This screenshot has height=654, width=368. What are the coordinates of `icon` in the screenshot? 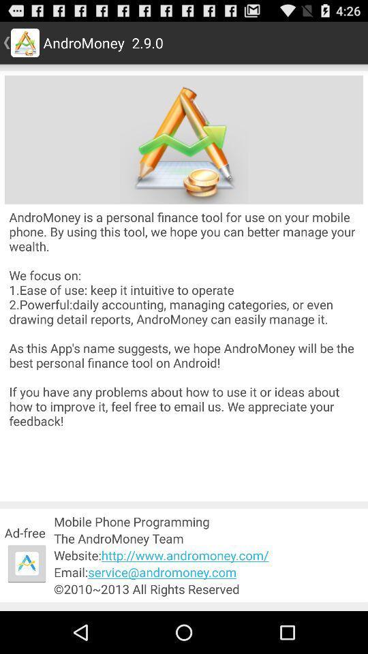 It's located at (184, 140).